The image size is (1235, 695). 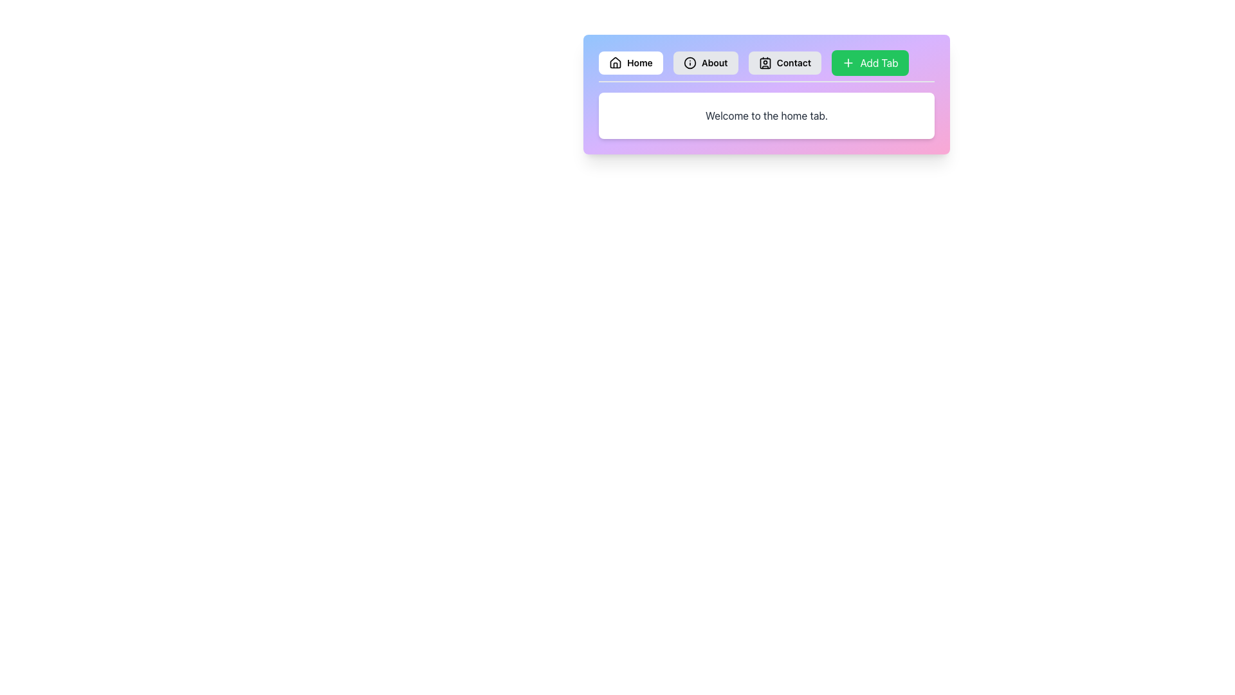 What do you see at coordinates (879, 62) in the screenshot?
I see `text label that indicates the functionality of adding a new tab, located within the green rounded rectangular button in the top menu bar` at bounding box center [879, 62].